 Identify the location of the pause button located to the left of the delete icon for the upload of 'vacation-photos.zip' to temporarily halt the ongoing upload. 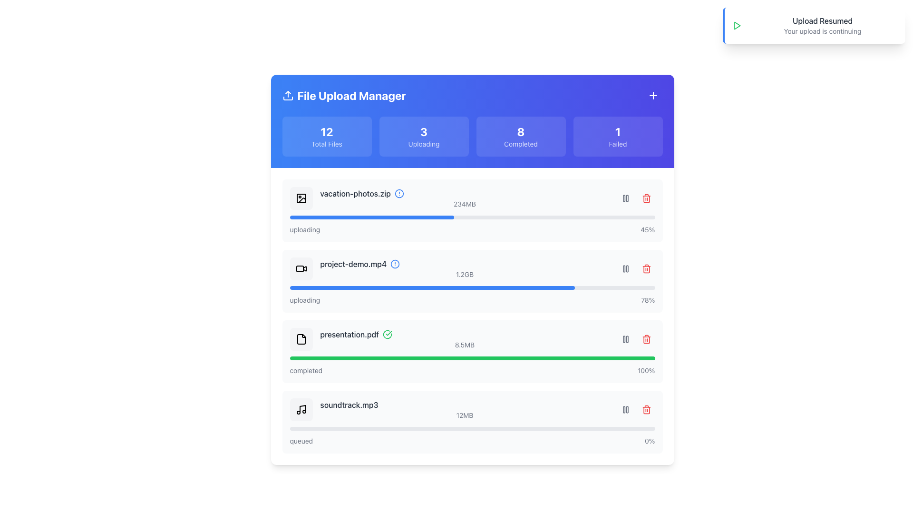
(625, 198).